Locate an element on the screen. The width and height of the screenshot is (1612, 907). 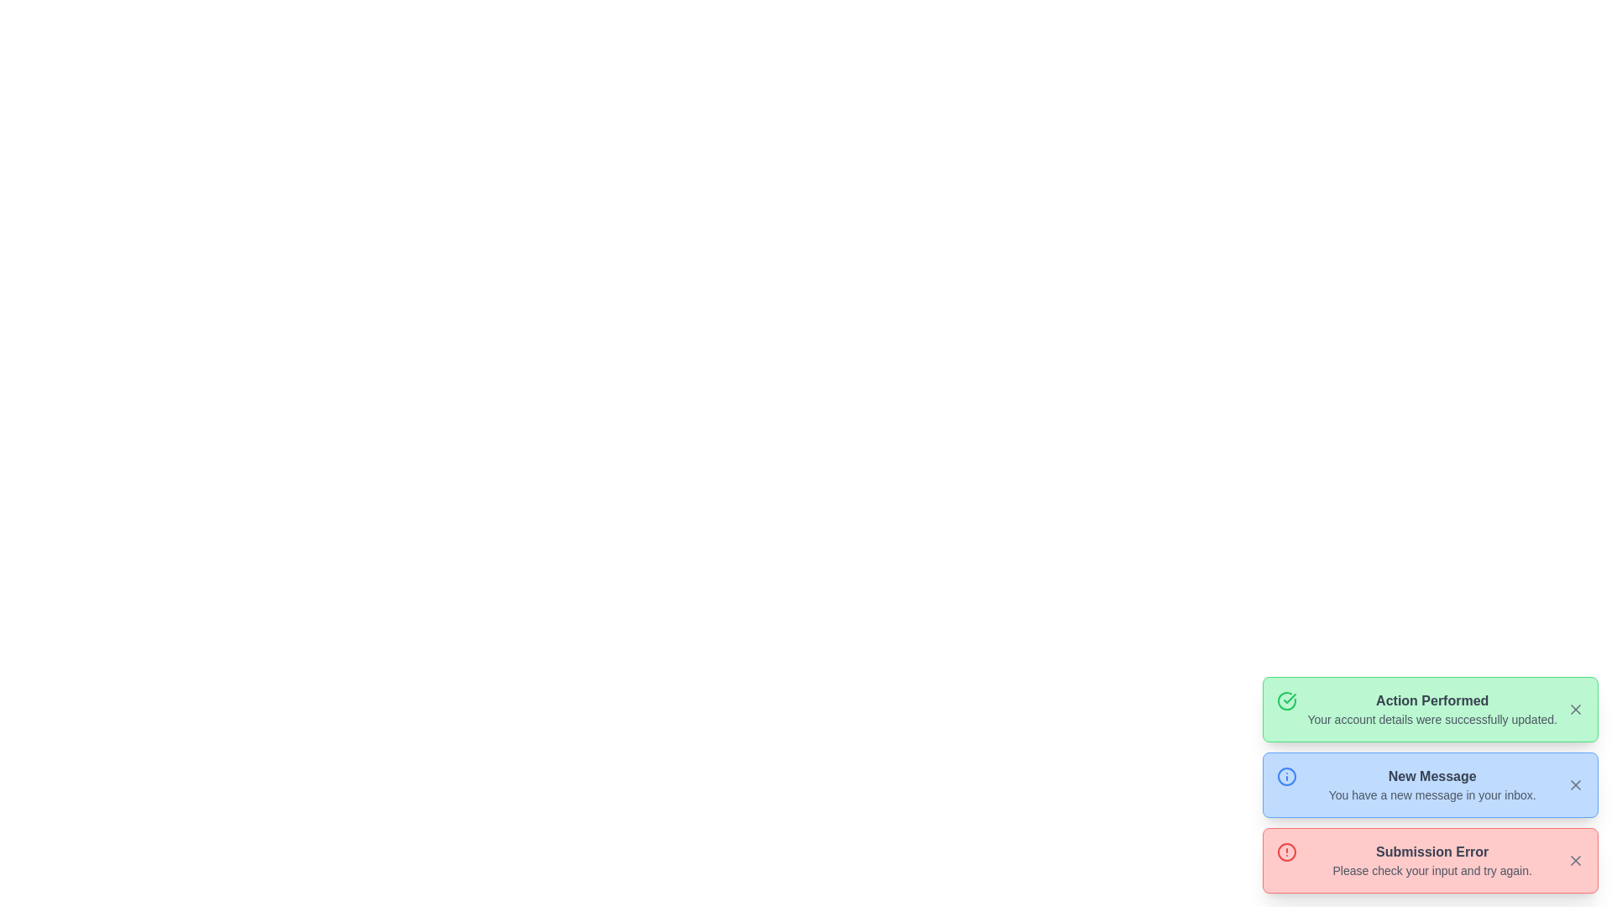
error message from the notification box titled 'Submission Error', which is located in the bottom-right corner of the viewport is located at coordinates (1430, 861).